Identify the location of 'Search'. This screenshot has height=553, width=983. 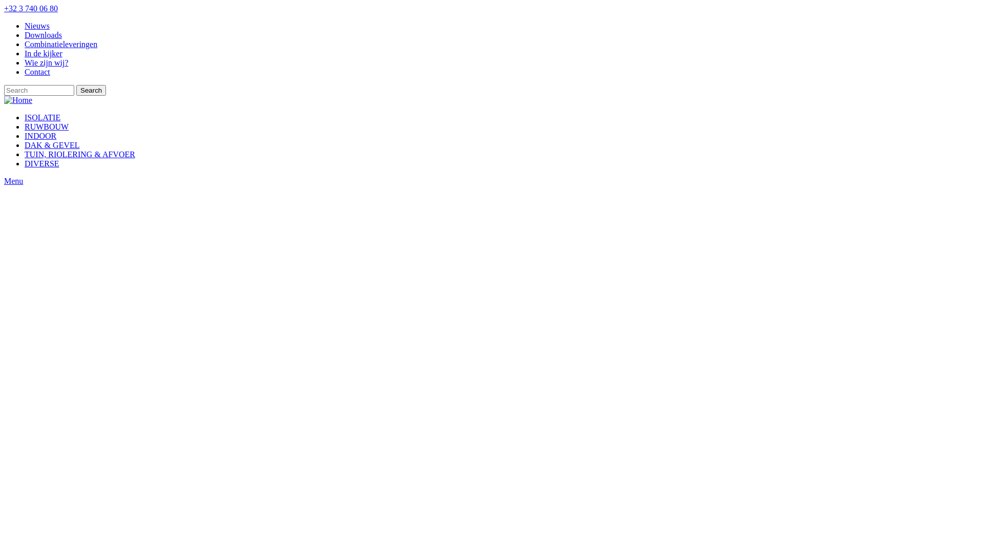
(91, 90).